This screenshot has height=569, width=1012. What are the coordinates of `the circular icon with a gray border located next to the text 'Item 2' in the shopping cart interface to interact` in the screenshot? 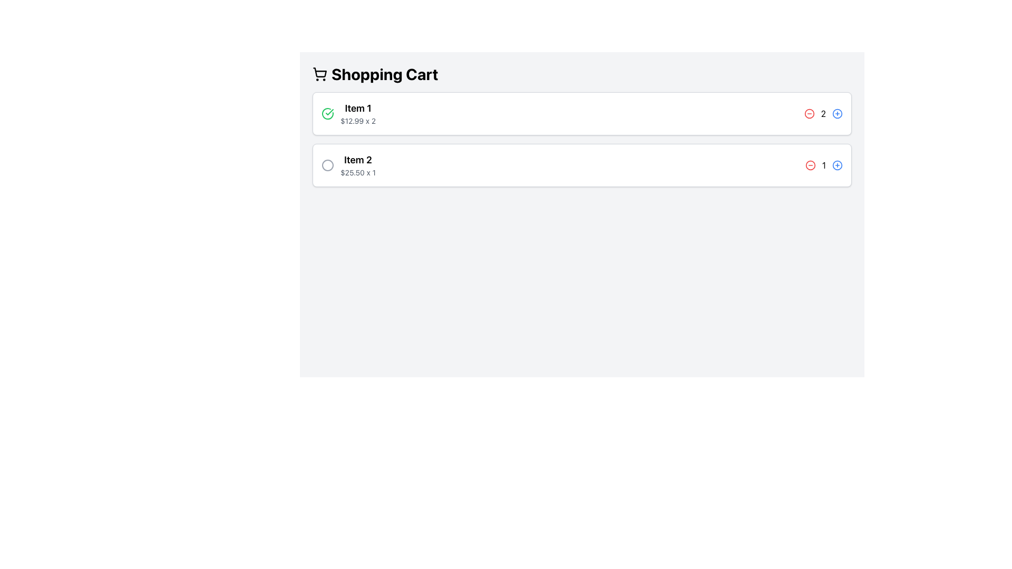 It's located at (327, 165).